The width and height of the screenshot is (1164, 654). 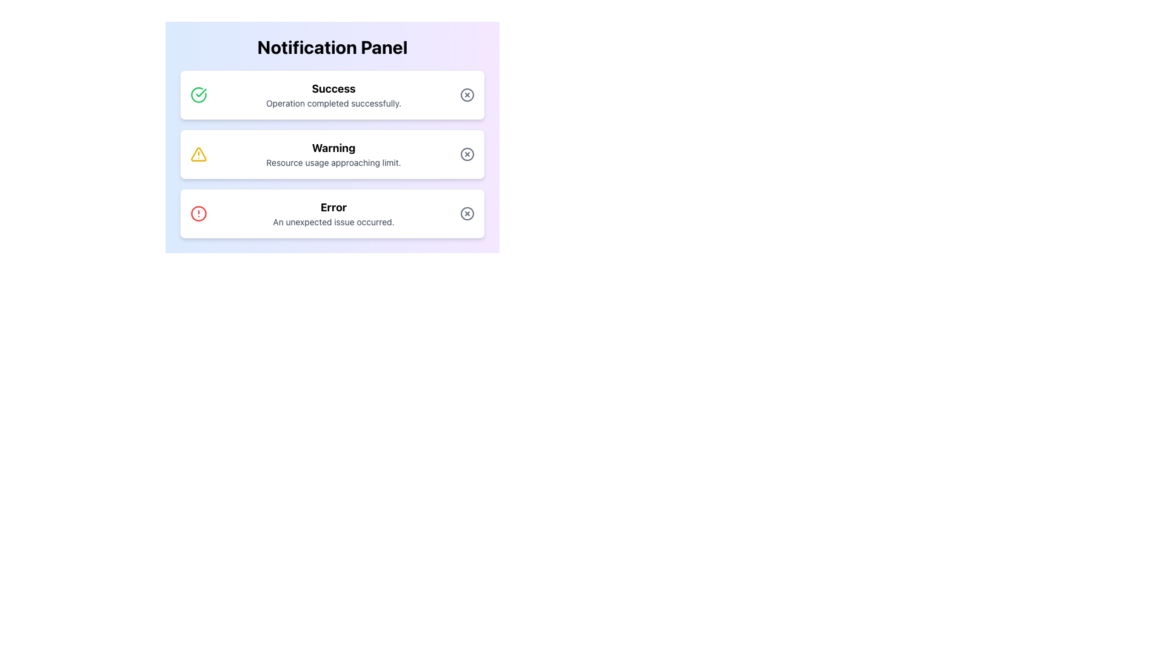 What do you see at coordinates (333, 148) in the screenshot?
I see `text from the 'Warning' Text Label, which serves as the title for a notification item located in the middle section of a notification panel` at bounding box center [333, 148].